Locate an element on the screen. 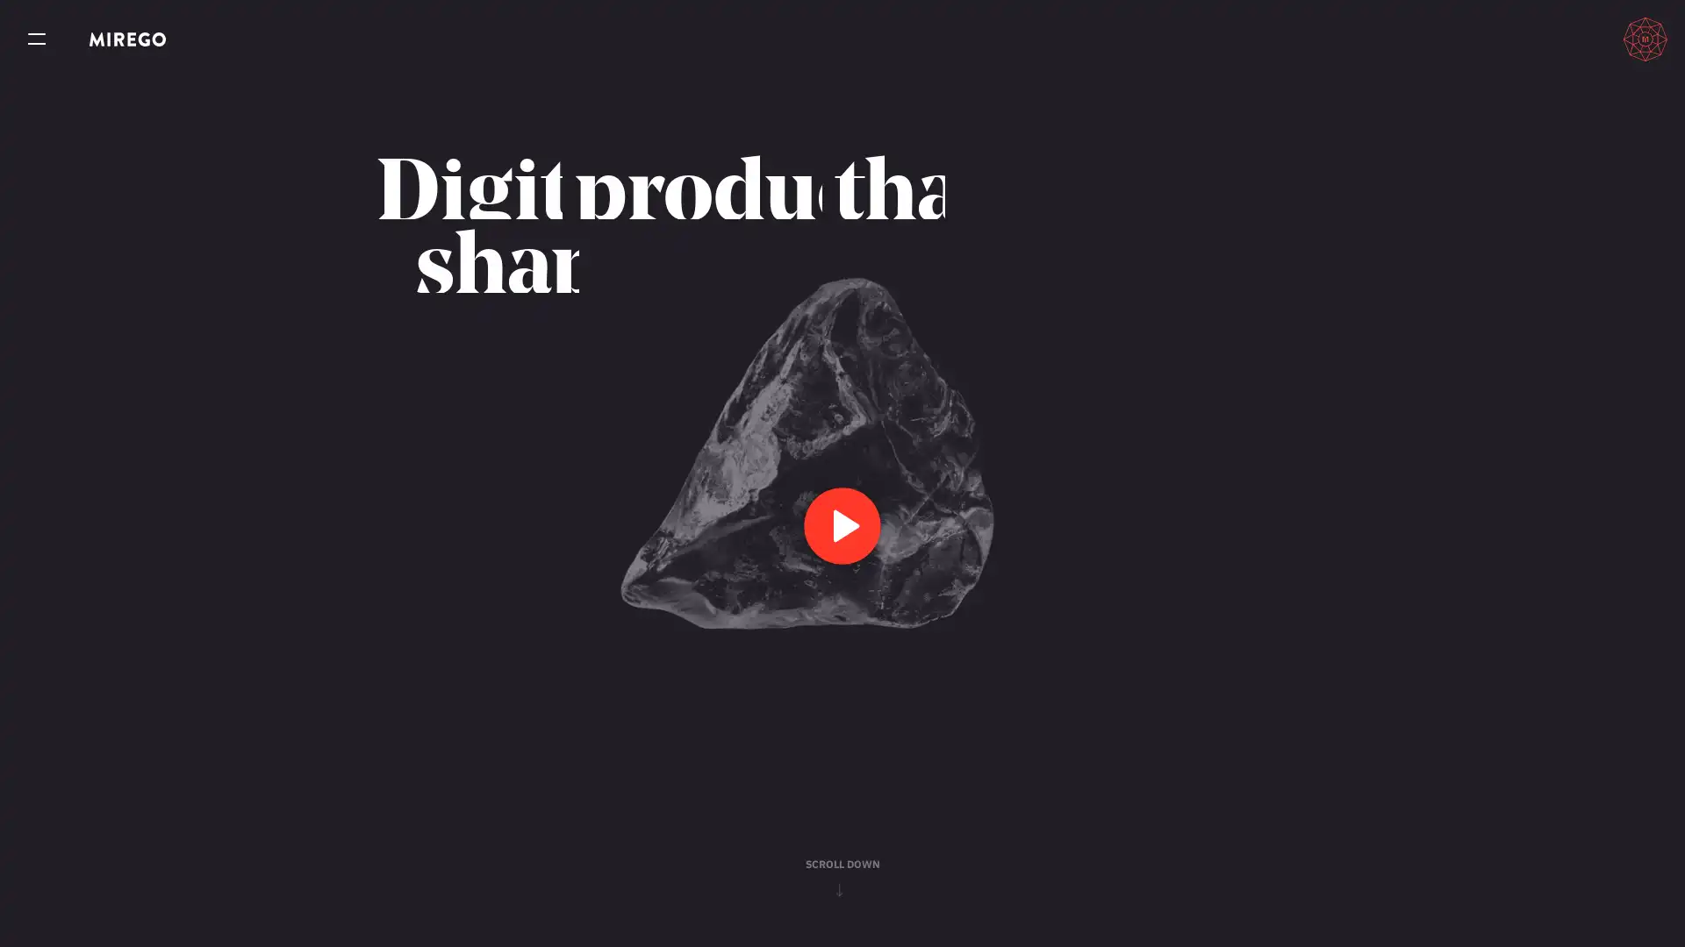 The width and height of the screenshot is (1685, 947). See navigation is located at coordinates (37, 39).